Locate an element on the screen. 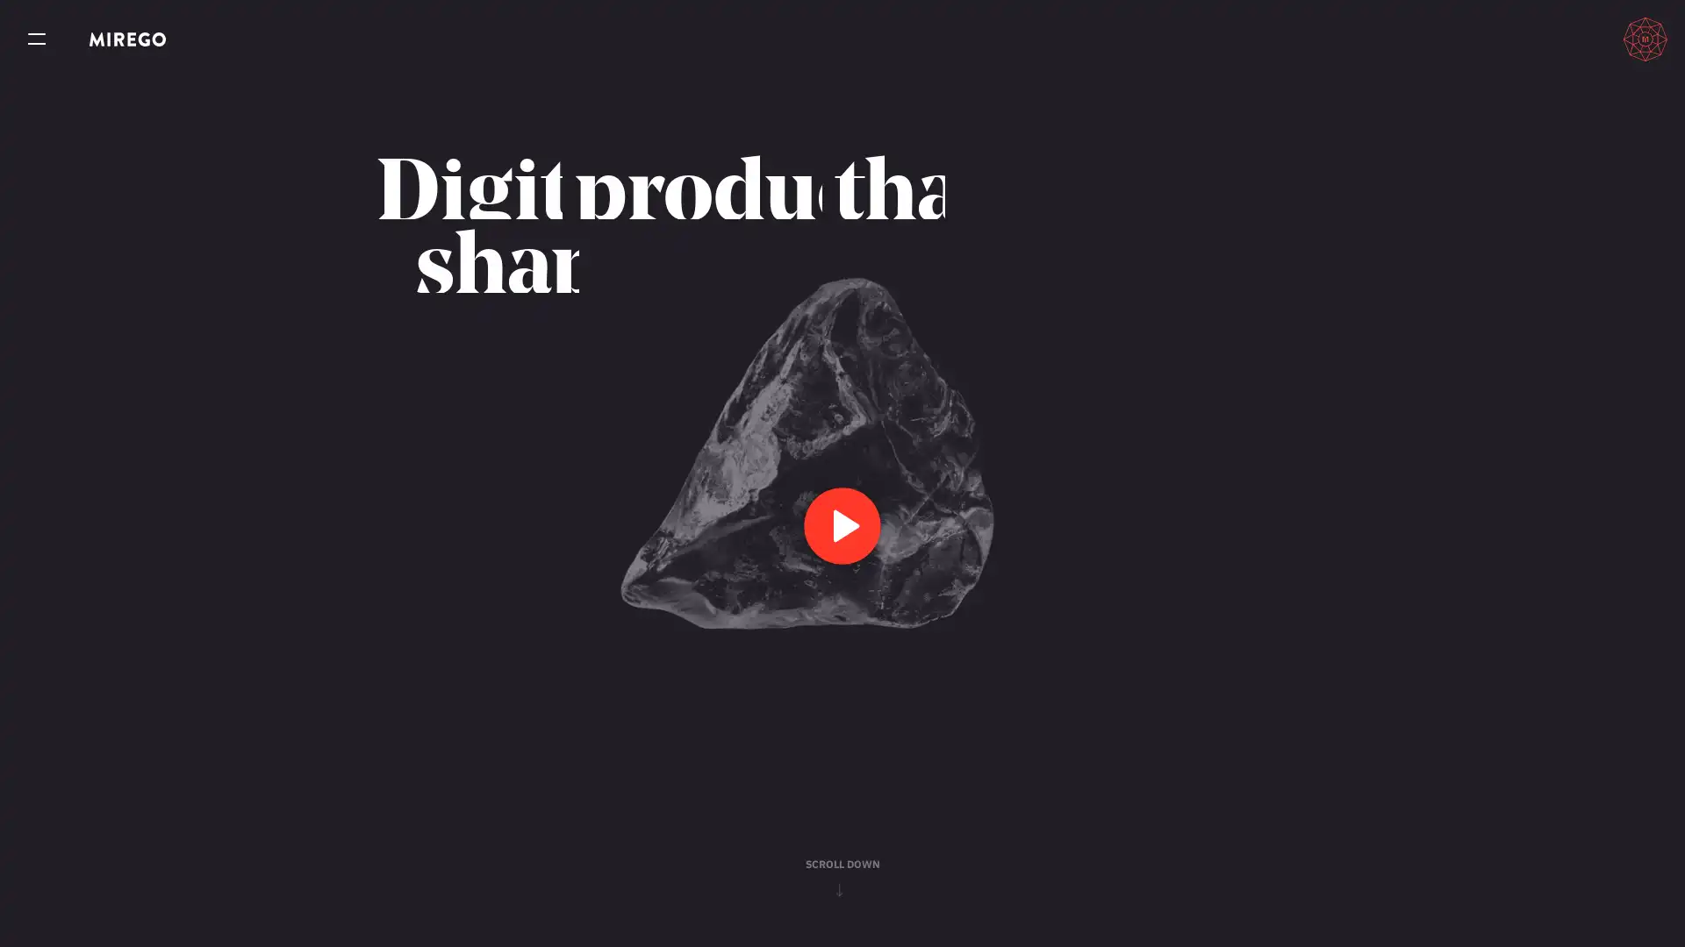 The width and height of the screenshot is (1685, 947). See navigation is located at coordinates (37, 39).